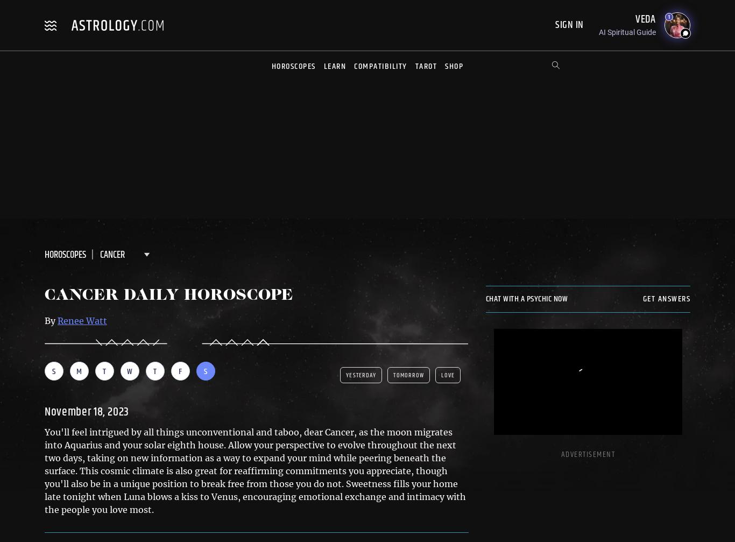  What do you see at coordinates (334, 66) in the screenshot?
I see `'Learn'` at bounding box center [334, 66].